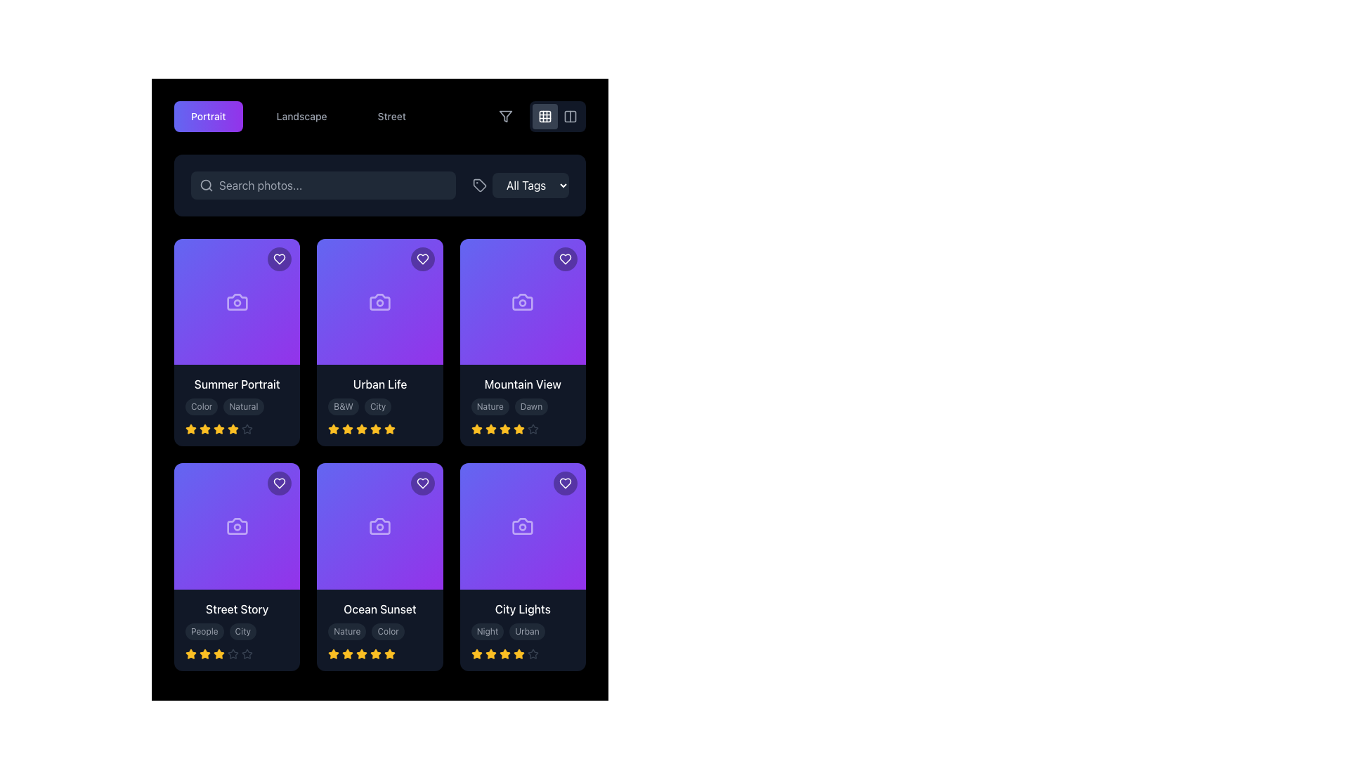  What do you see at coordinates (190, 428) in the screenshot?
I see `the first golden-yellow star icon in the rating section under the title 'Summer Portrait'` at bounding box center [190, 428].